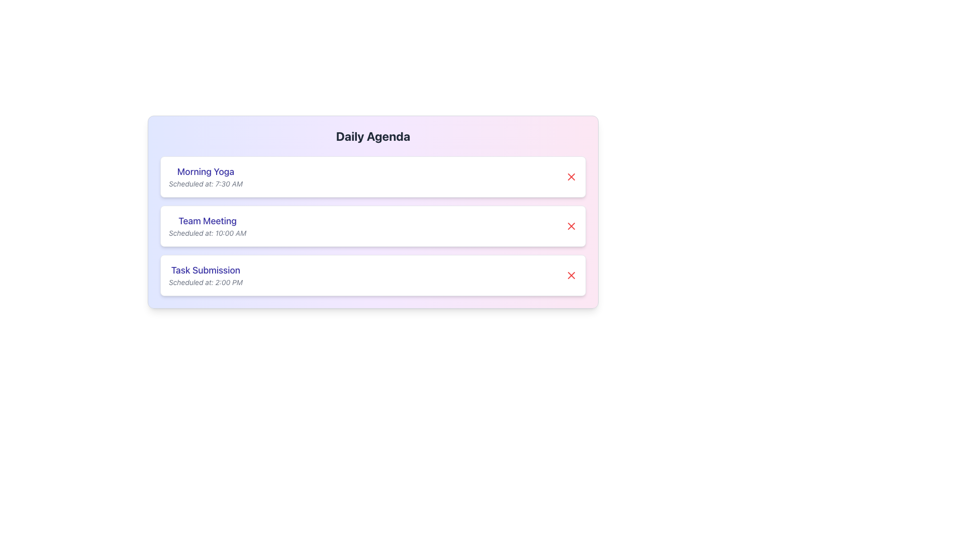 This screenshot has height=543, width=965. I want to click on the Content Panel displaying the daily agenda, so click(372, 211).